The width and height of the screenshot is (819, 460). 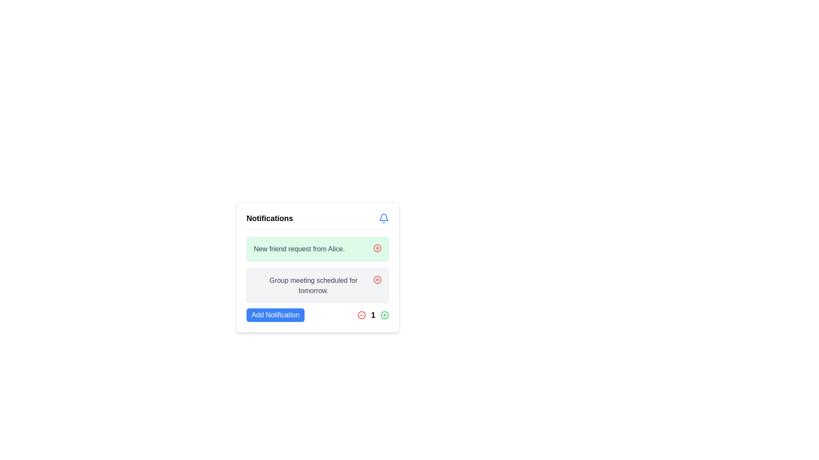 I want to click on the green circular plus icon located at the bottom-right section of the 'Notifications' card UI to increase the counter, so click(x=384, y=315).